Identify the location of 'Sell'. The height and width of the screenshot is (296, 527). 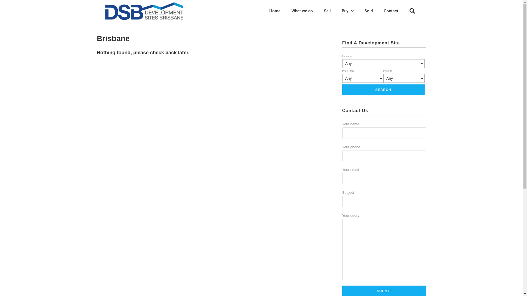
(327, 11).